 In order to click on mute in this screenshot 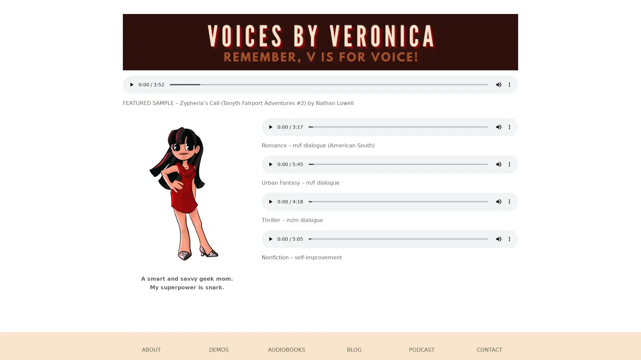, I will do `click(498, 201)`.